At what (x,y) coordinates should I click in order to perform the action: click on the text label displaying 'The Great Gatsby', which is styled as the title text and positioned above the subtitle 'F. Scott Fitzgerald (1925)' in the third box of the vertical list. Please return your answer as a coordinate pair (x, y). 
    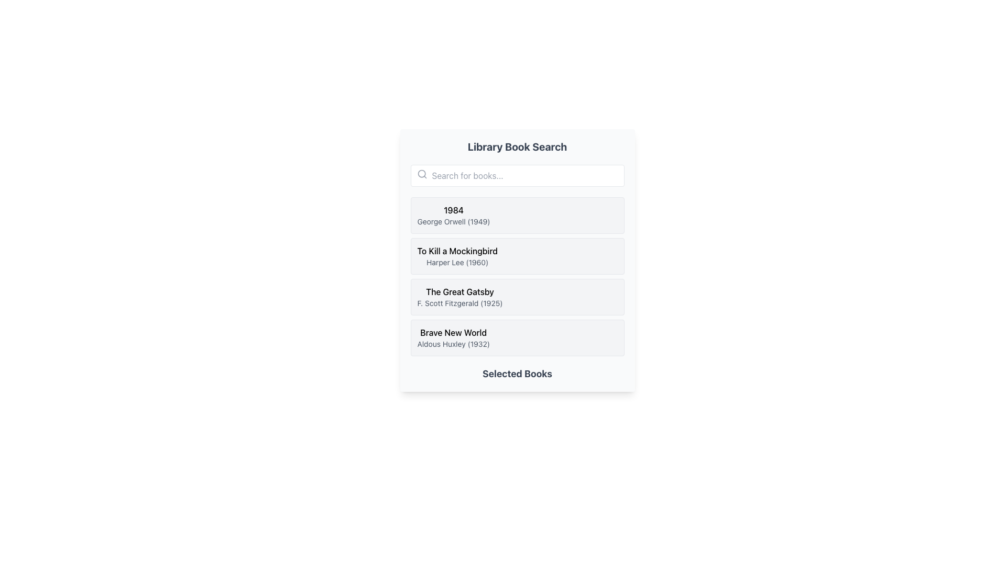
    Looking at the image, I should click on (460, 292).